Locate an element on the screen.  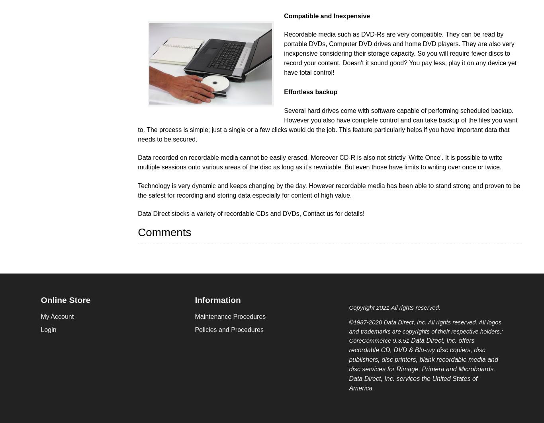
'Information' is located at coordinates (217, 299).